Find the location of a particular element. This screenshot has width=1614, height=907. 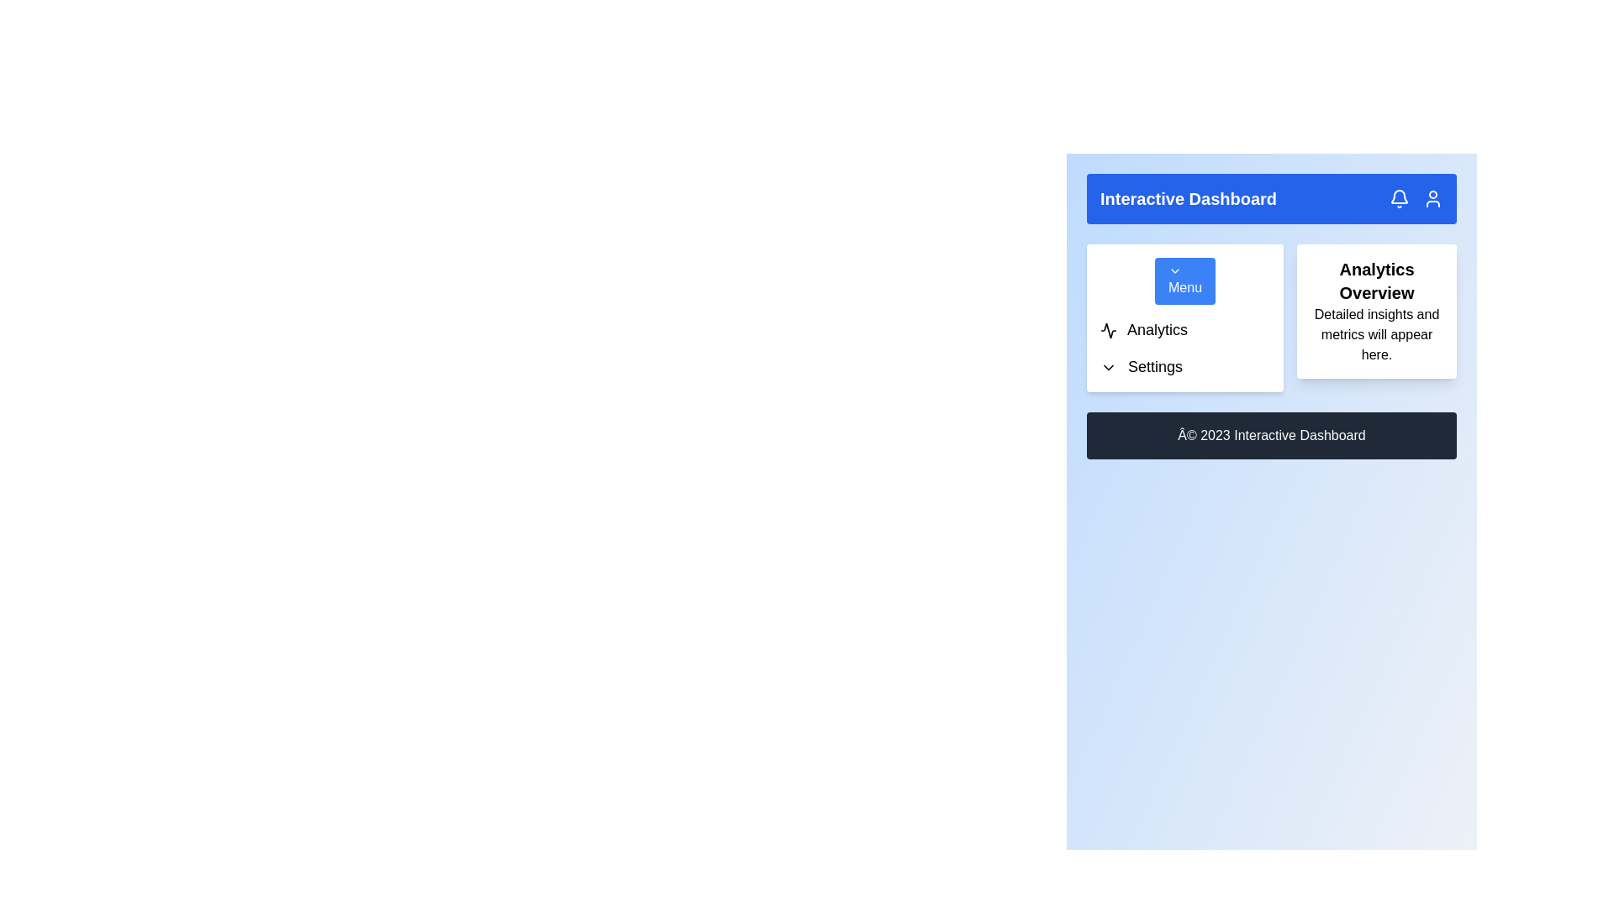

the user profile icon, which is a simplistic outline of a person located on the top-right of the interface is located at coordinates (1432, 197).